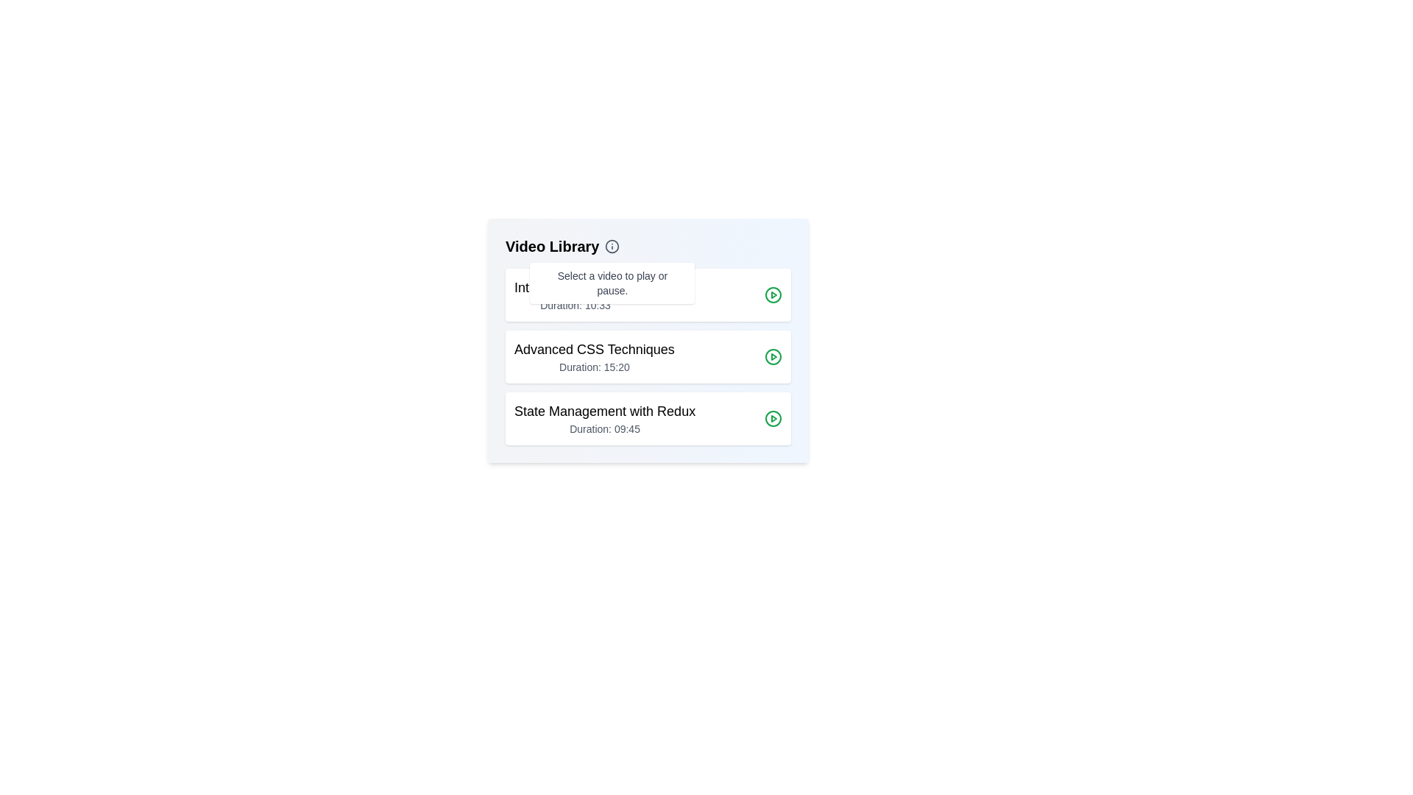 This screenshot has height=795, width=1413. Describe the element at coordinates (773, 295) in the screenshot. I see `the play button located at the far-right end of the 'Introduction to React' video entry in the Video Library to initiate playback of the video` at that location.